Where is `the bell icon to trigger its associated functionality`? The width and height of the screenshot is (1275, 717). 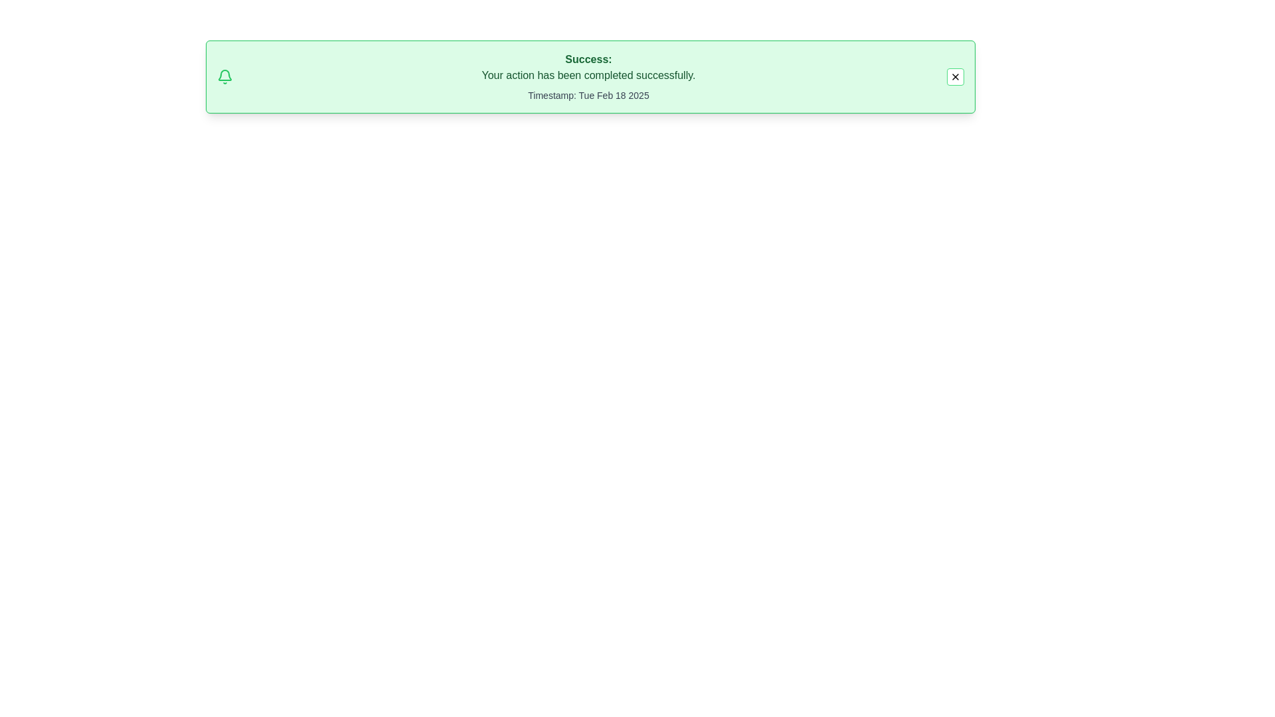 the bell icon to trigger its associated functionality is located at coordinates (225, 76).